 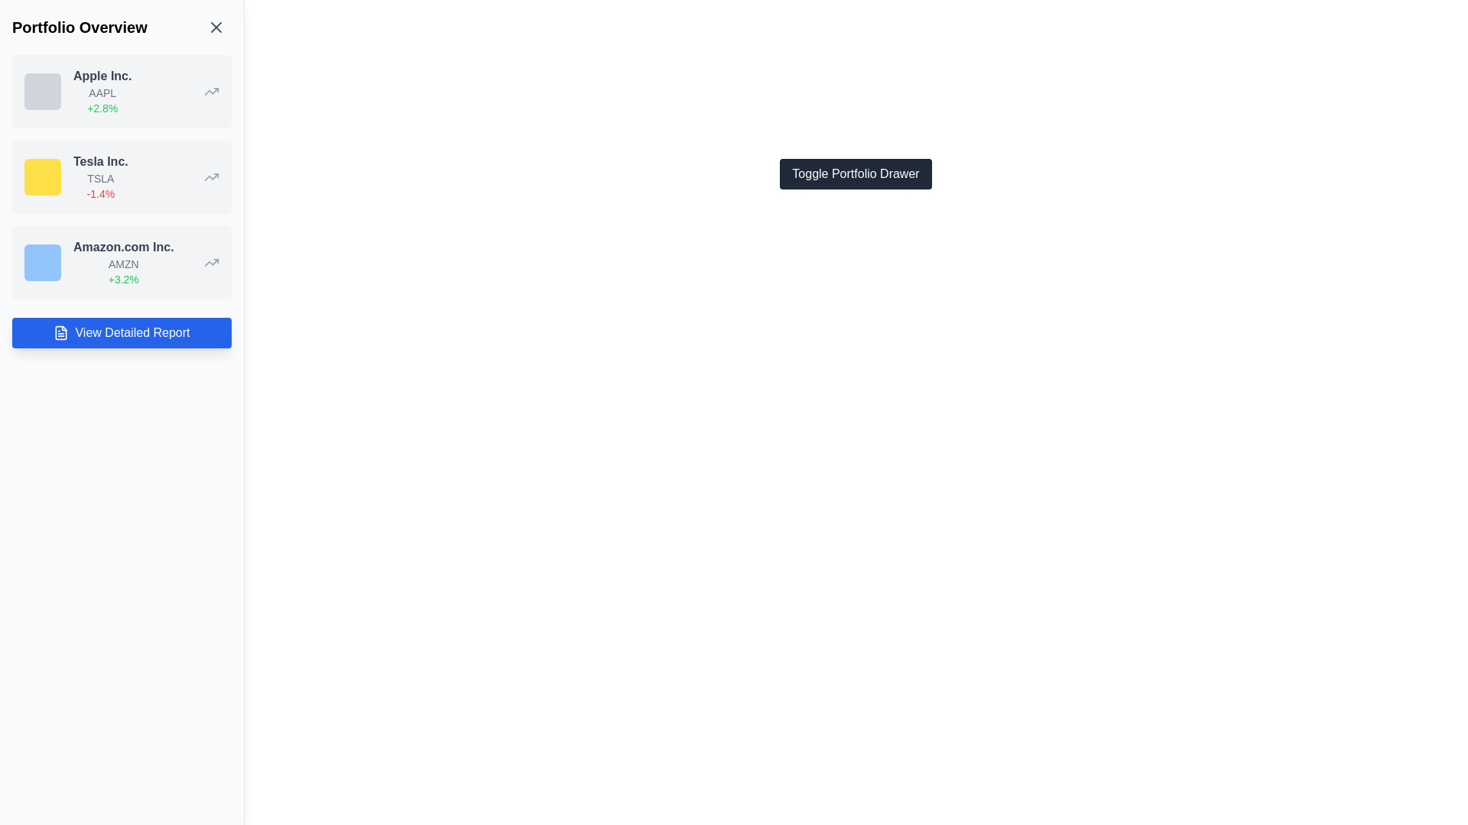 What do you see at coordinates (123, 247) in the screenshot?
I see `text element displaying the company name 'Amazon.com Inc.' located in the third row of the portfolio overview section in the left panel, above the ticker symbol 'AMZN' and the percentage '+3.2%` at bounding box center [123, 247].